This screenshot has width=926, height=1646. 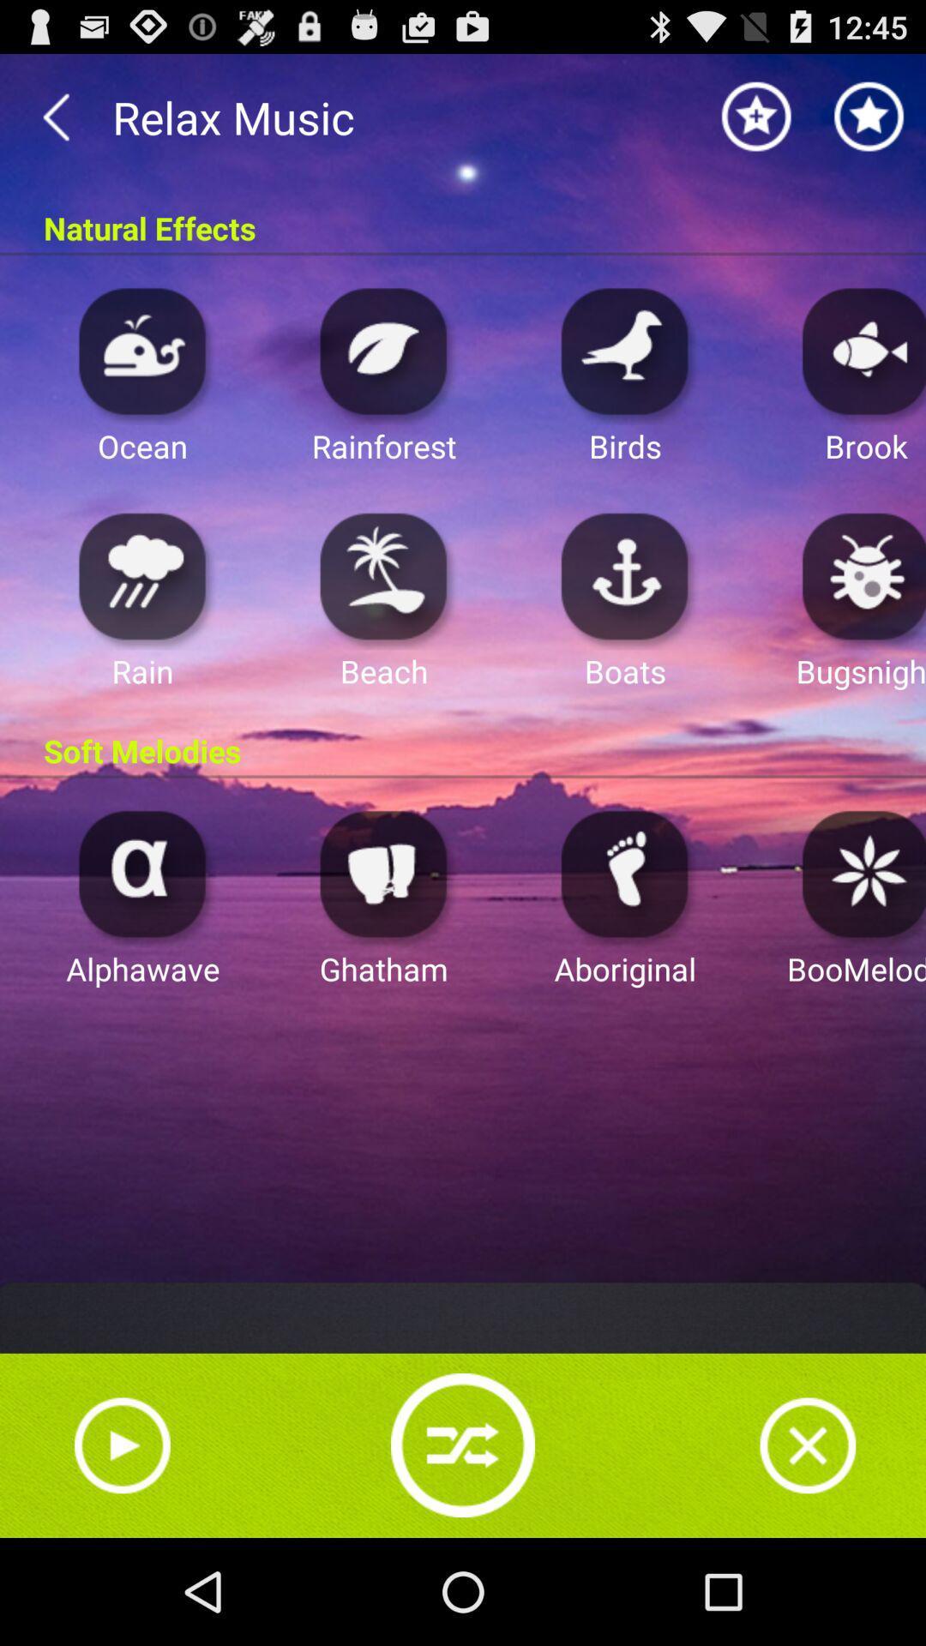 What do you see at coordinates (808, 1445) in the screenshot?
I see `app` at bounding box center [808, 1445].